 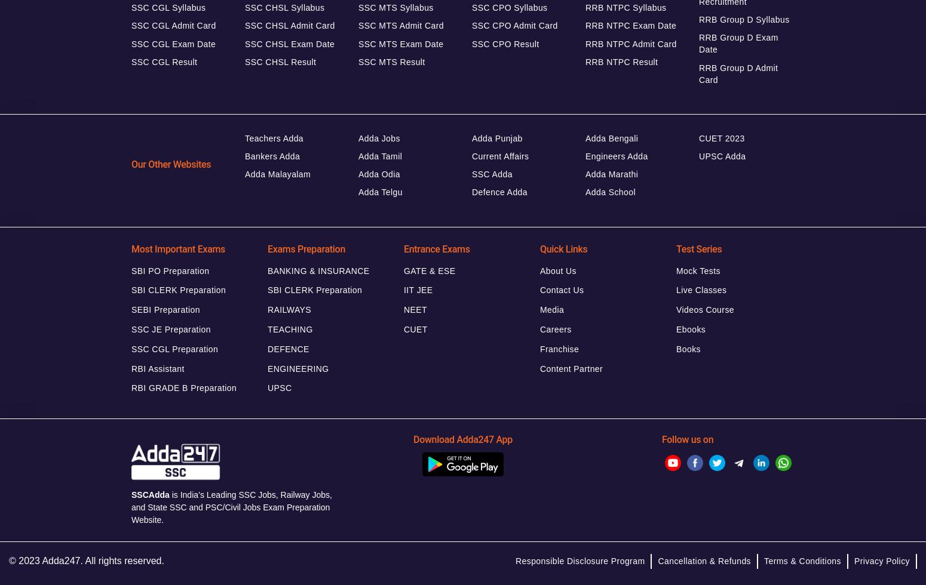 I want to click on 'Our Other Websites', so click(x=171, y=164).